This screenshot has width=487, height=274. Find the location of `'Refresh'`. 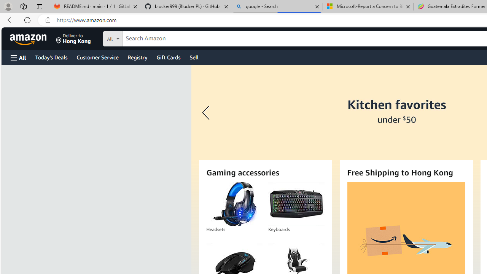

'Refresh' is located at coordinates (27, 19).